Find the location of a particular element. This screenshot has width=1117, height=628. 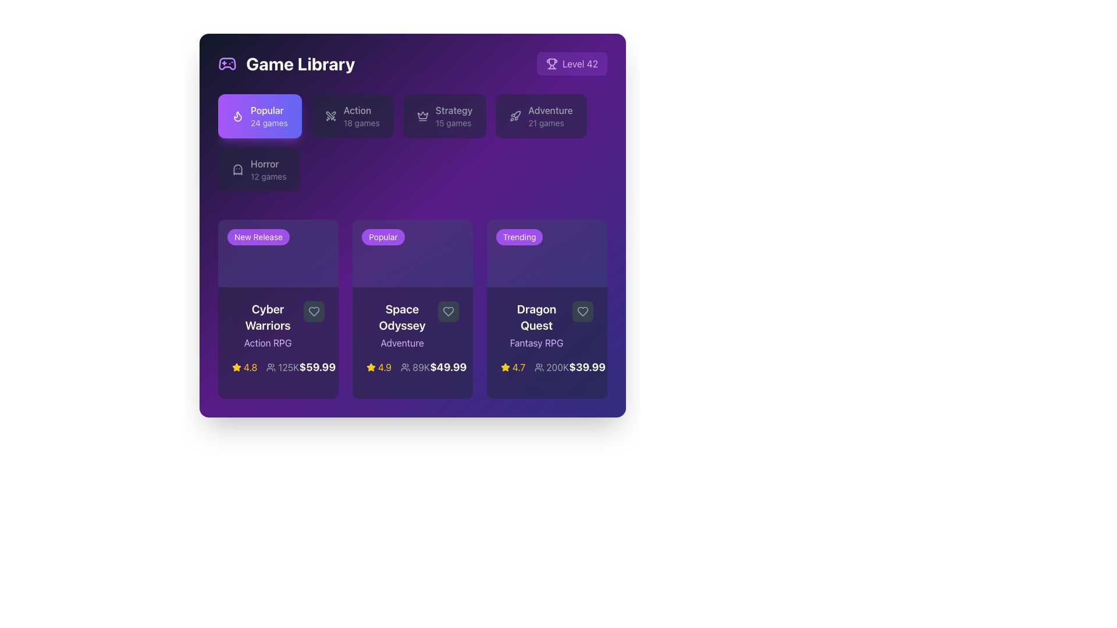

the heart icon in the top-right corner of the 'Dragon Quest' card is located at coordinates (583, 311).